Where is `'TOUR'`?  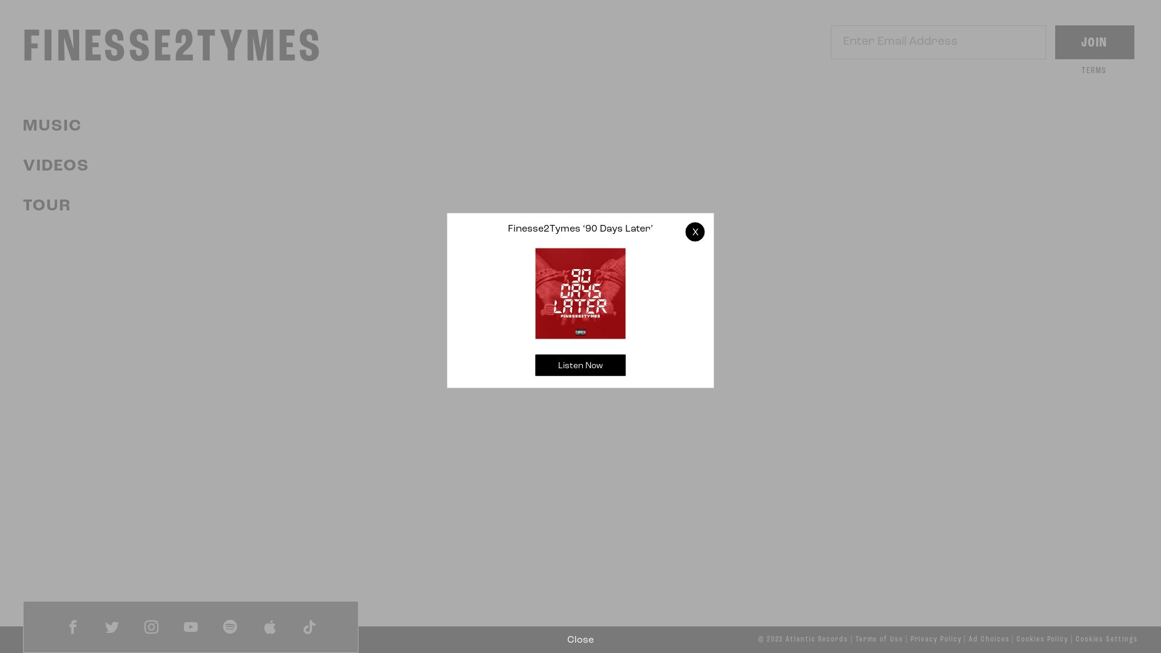 'TOUR' is located at coordinates (47, 206).